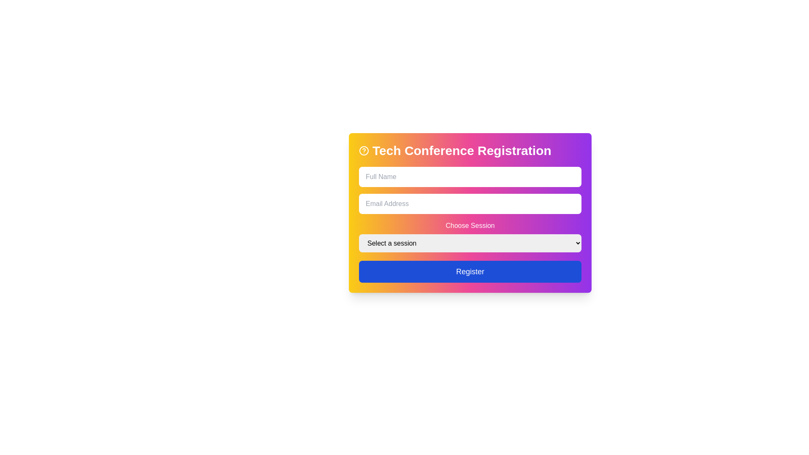  What do you see at coordinates (364, 150) in the screenshot?
I see `the circle element within the SVG that serves as a visual decoration for the 'Tech Conference Registration' title` at bounding box center [364, 150].